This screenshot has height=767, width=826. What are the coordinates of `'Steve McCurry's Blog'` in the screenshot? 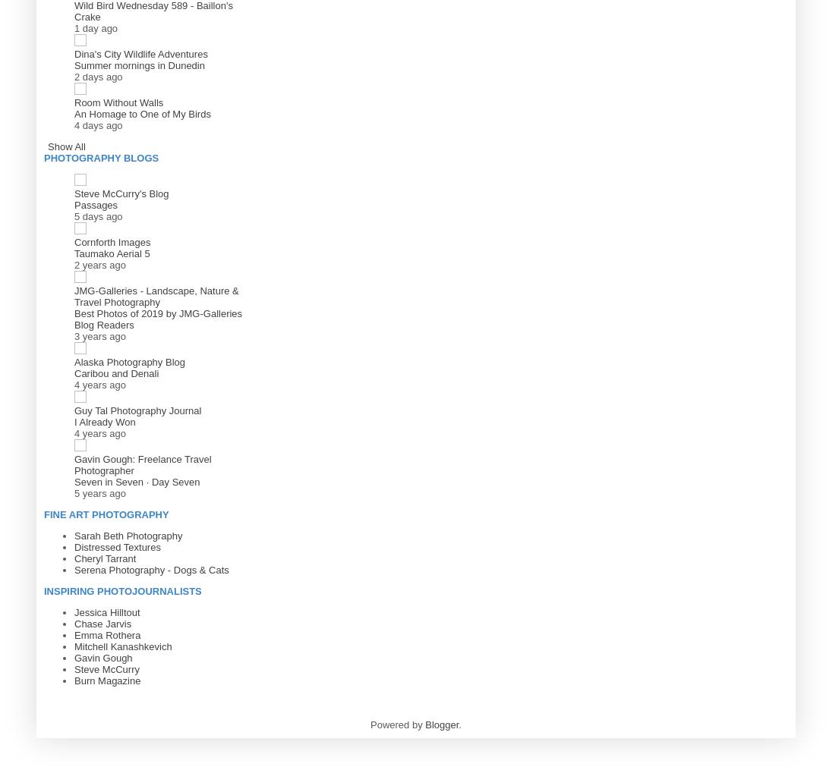 It's located at (121, 193).